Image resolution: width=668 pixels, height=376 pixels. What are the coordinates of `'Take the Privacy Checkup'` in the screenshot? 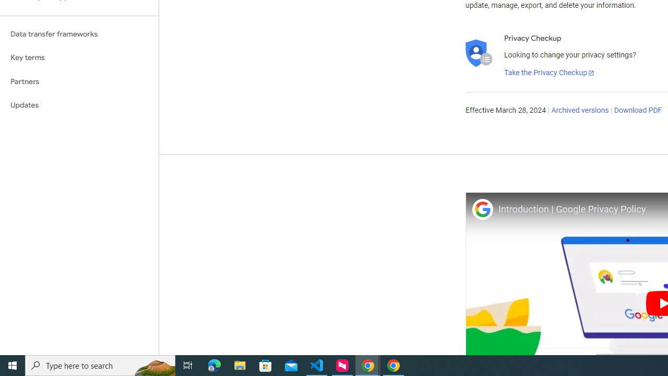 It's located at (549, 73).